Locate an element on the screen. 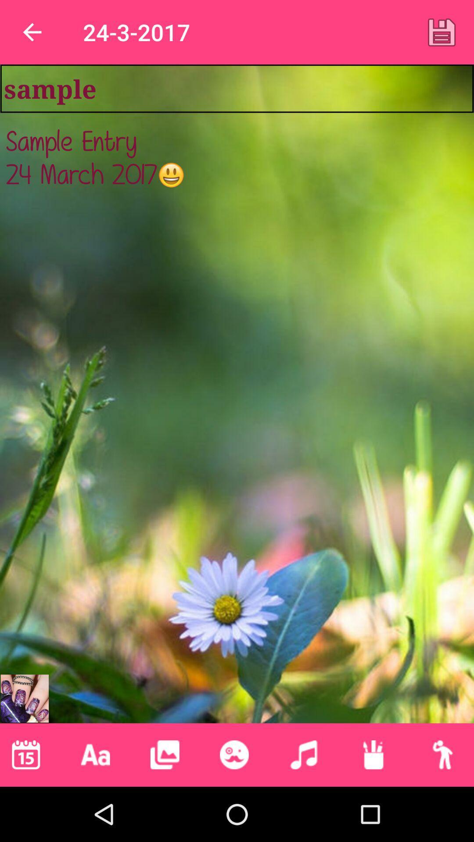 This screenshot has height=842, width=474. the icon below the sample entry 24 item is located at coordinates (24, 698).